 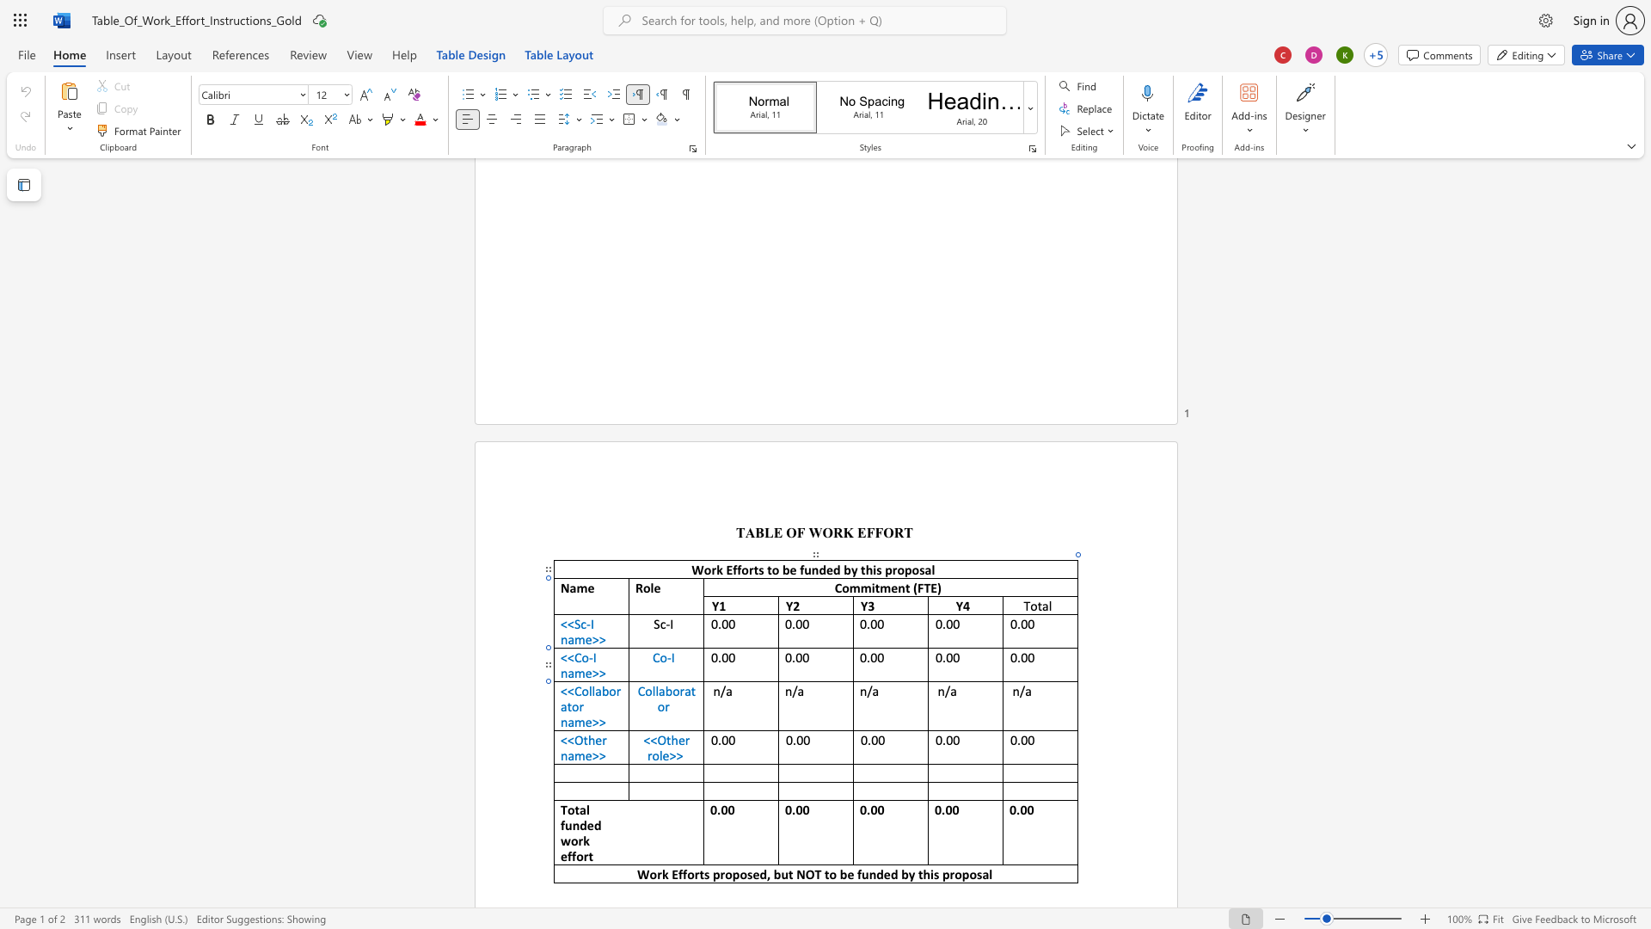 What do you see at coordinates (582, 739) in the screenshot?
I see `the space between the continuous character "O" and "t" in the text` at bounding box center [582, 739].